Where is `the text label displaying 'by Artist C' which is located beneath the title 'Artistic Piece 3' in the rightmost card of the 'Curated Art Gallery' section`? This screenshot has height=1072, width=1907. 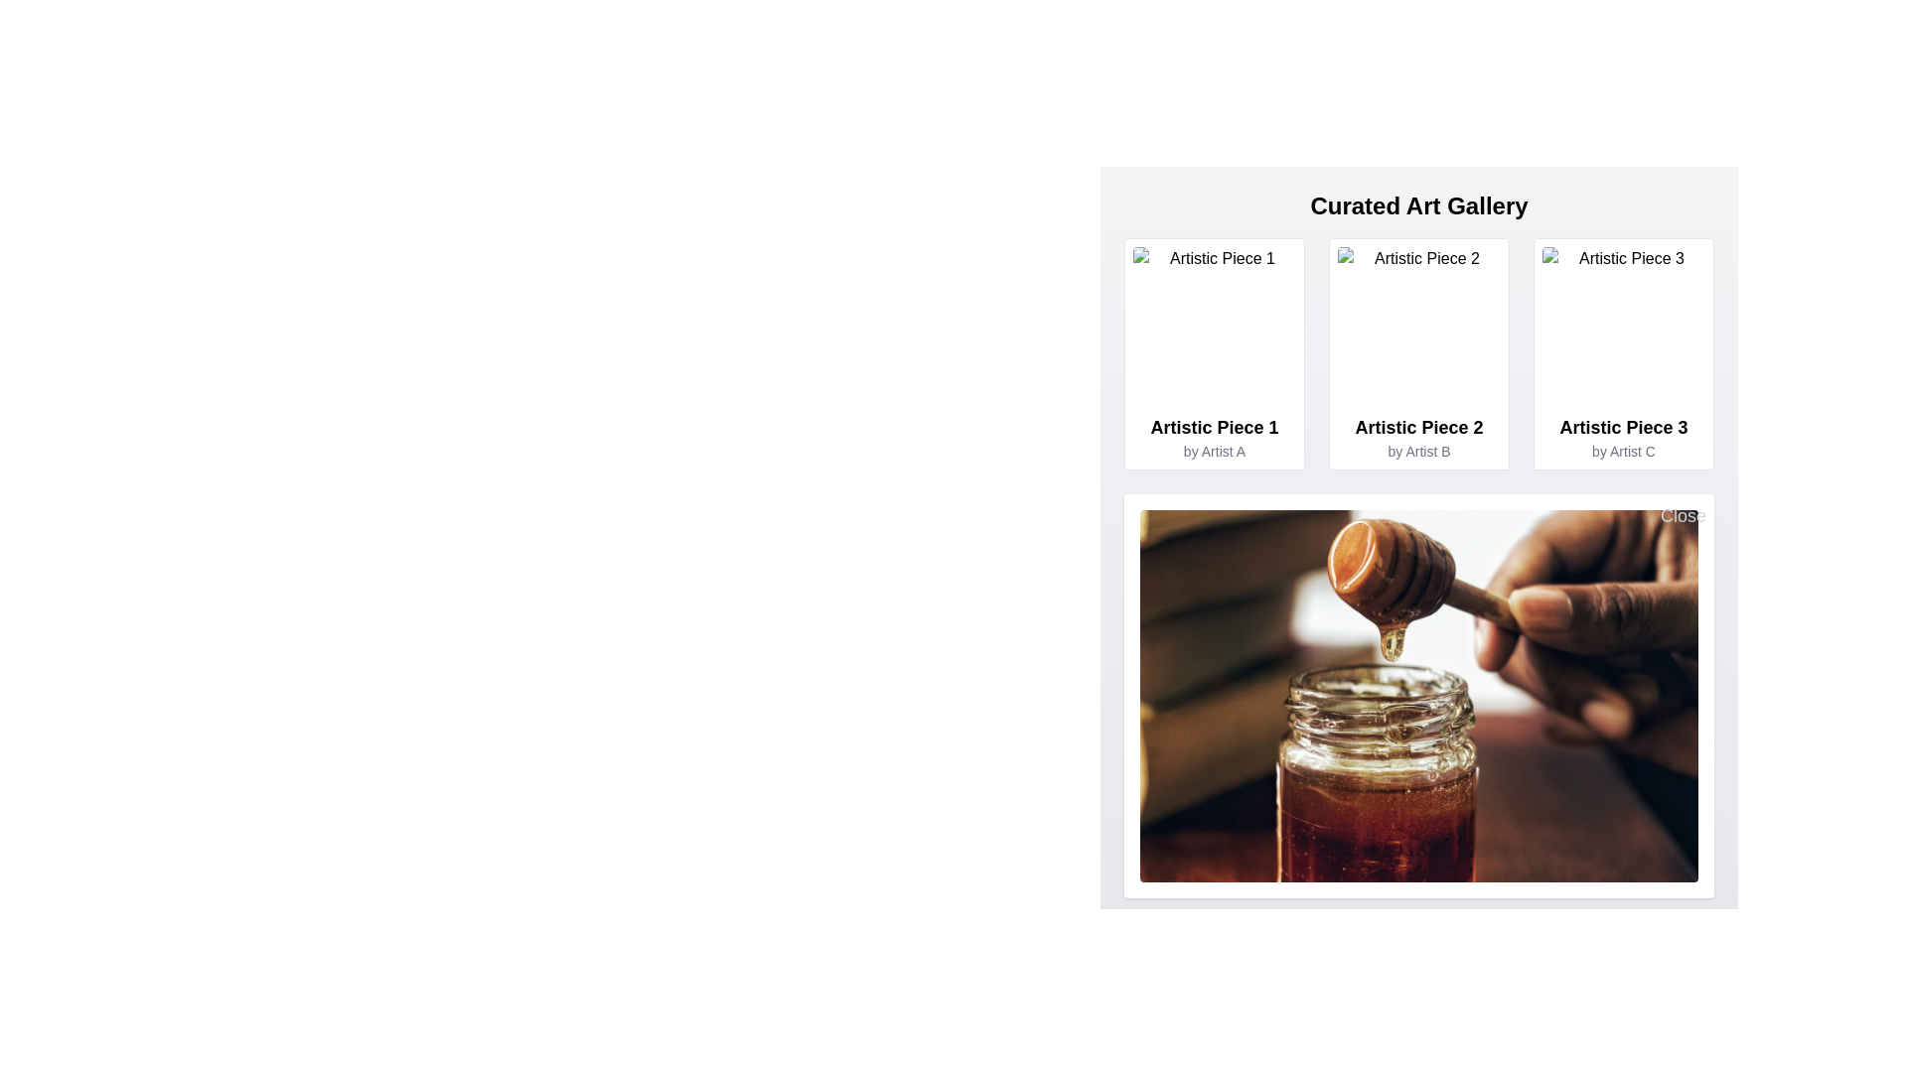 the text label displaying 'by Artist C' which is located beneath the title 'Artistic Piece 3' in the rightmost card of the 'Curated Art Gallery' section is located at coordinates (1624, 452).